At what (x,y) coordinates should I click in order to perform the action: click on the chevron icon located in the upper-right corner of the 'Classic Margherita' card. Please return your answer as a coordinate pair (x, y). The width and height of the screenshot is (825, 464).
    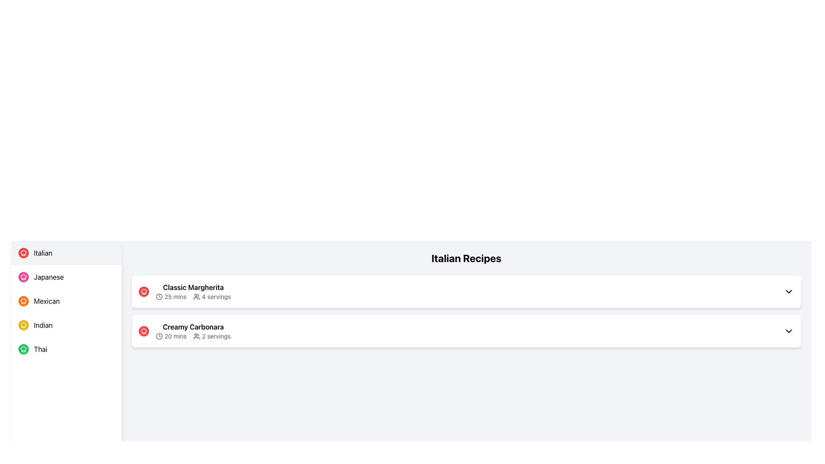
    Looking at the image, I should click on (789, 291).